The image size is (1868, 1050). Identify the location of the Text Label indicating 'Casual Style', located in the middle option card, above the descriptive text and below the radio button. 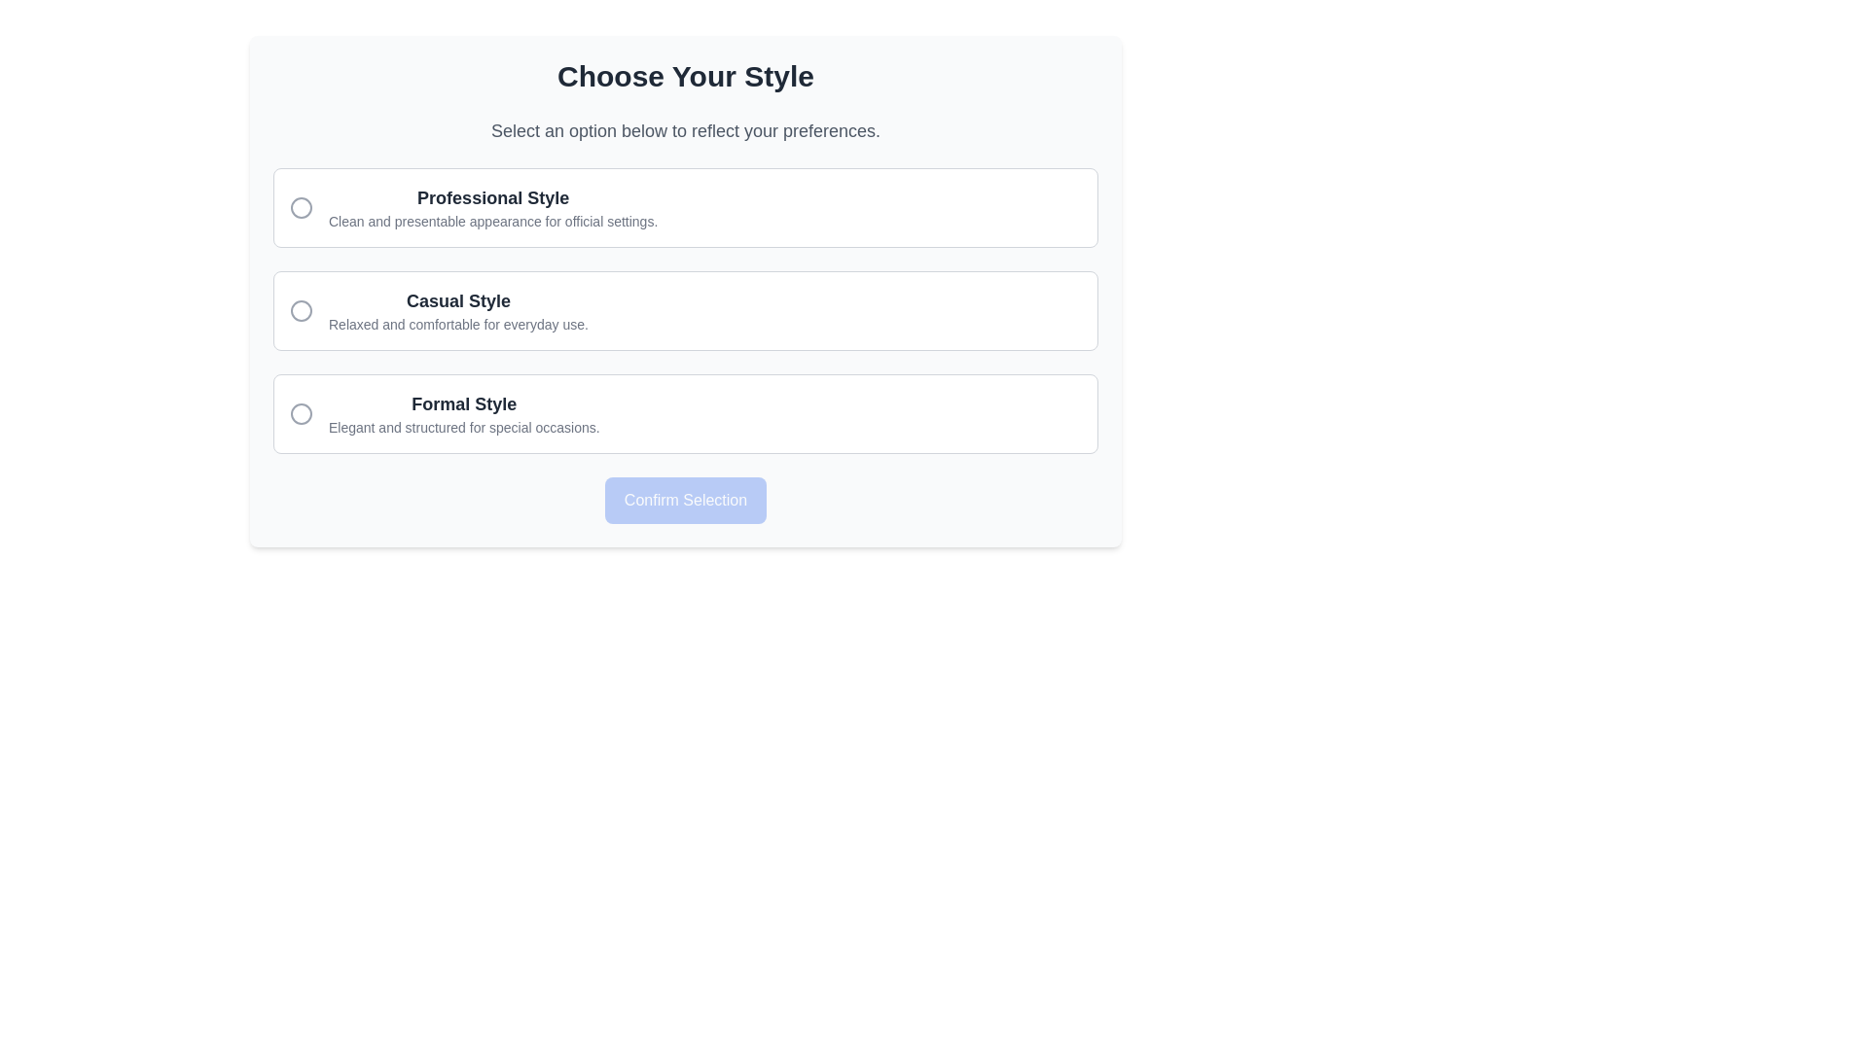
(457, 300).